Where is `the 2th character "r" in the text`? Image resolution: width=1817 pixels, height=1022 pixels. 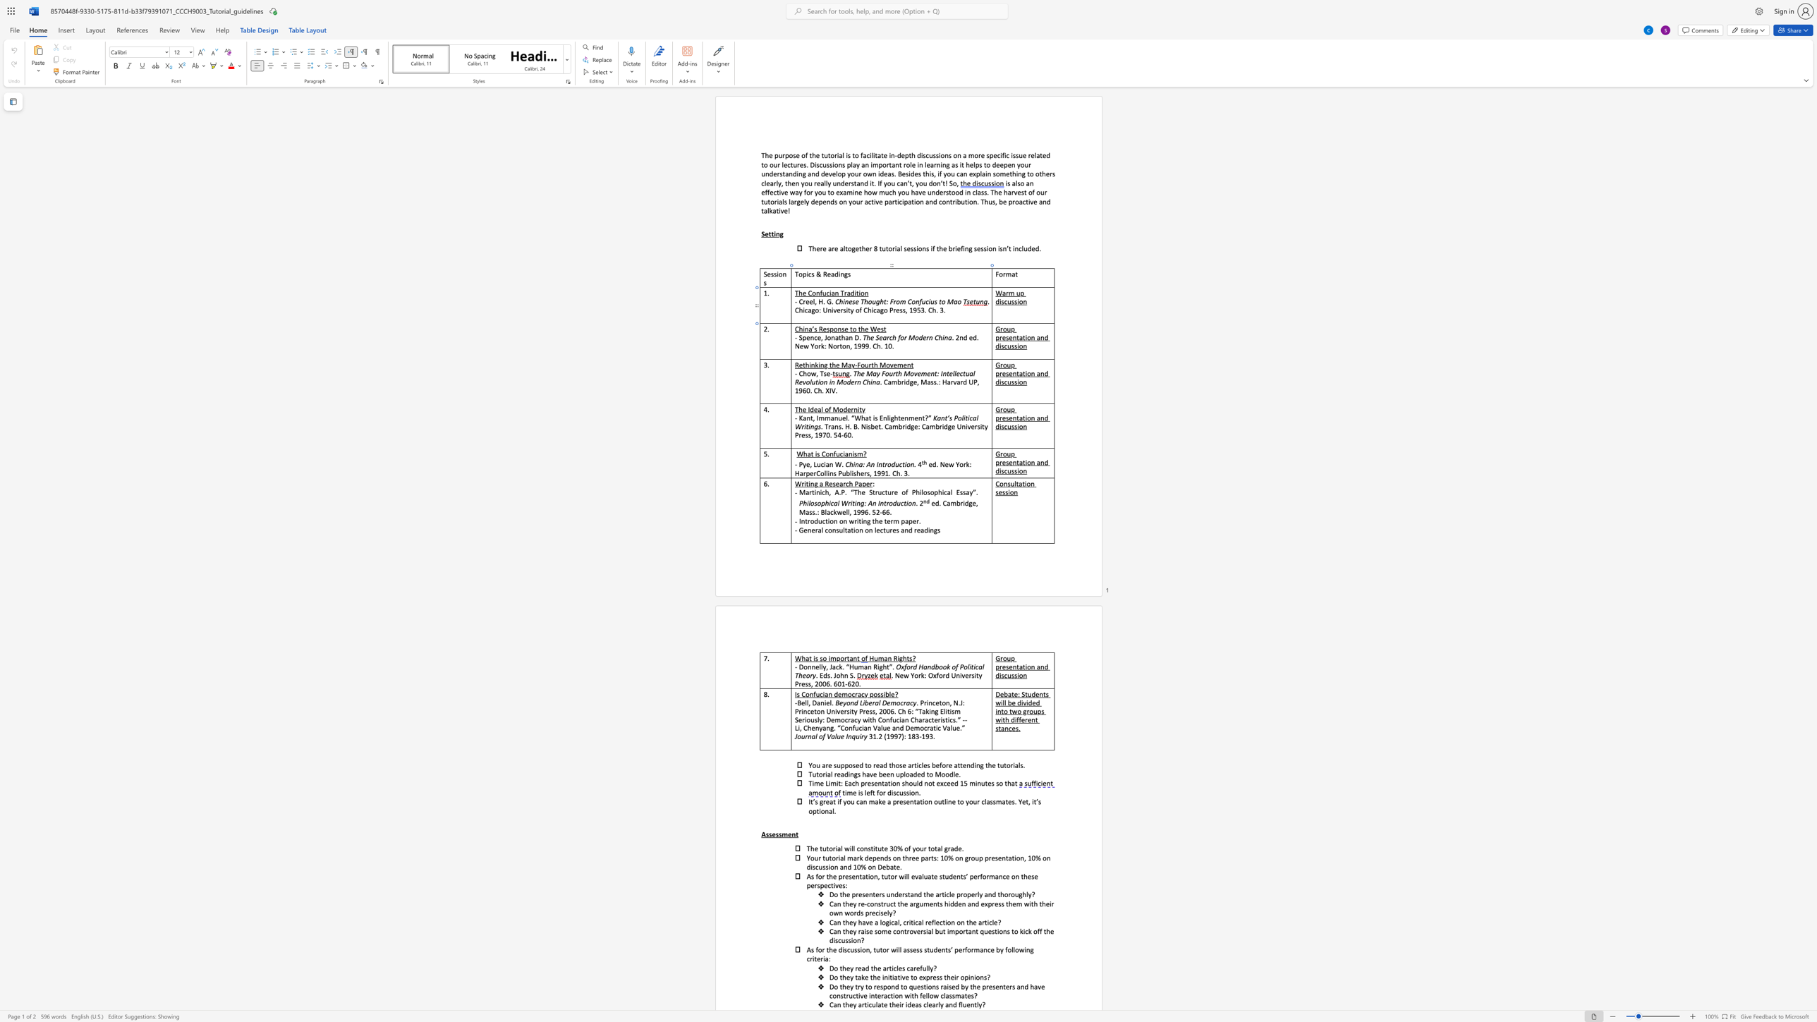 the 2th character "r" in the text is located at coordinates (905, 337).